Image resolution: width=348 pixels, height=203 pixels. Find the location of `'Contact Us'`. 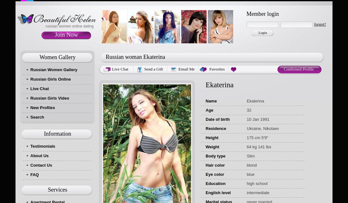

'Contact Us' is located at coordinates (41, 165).